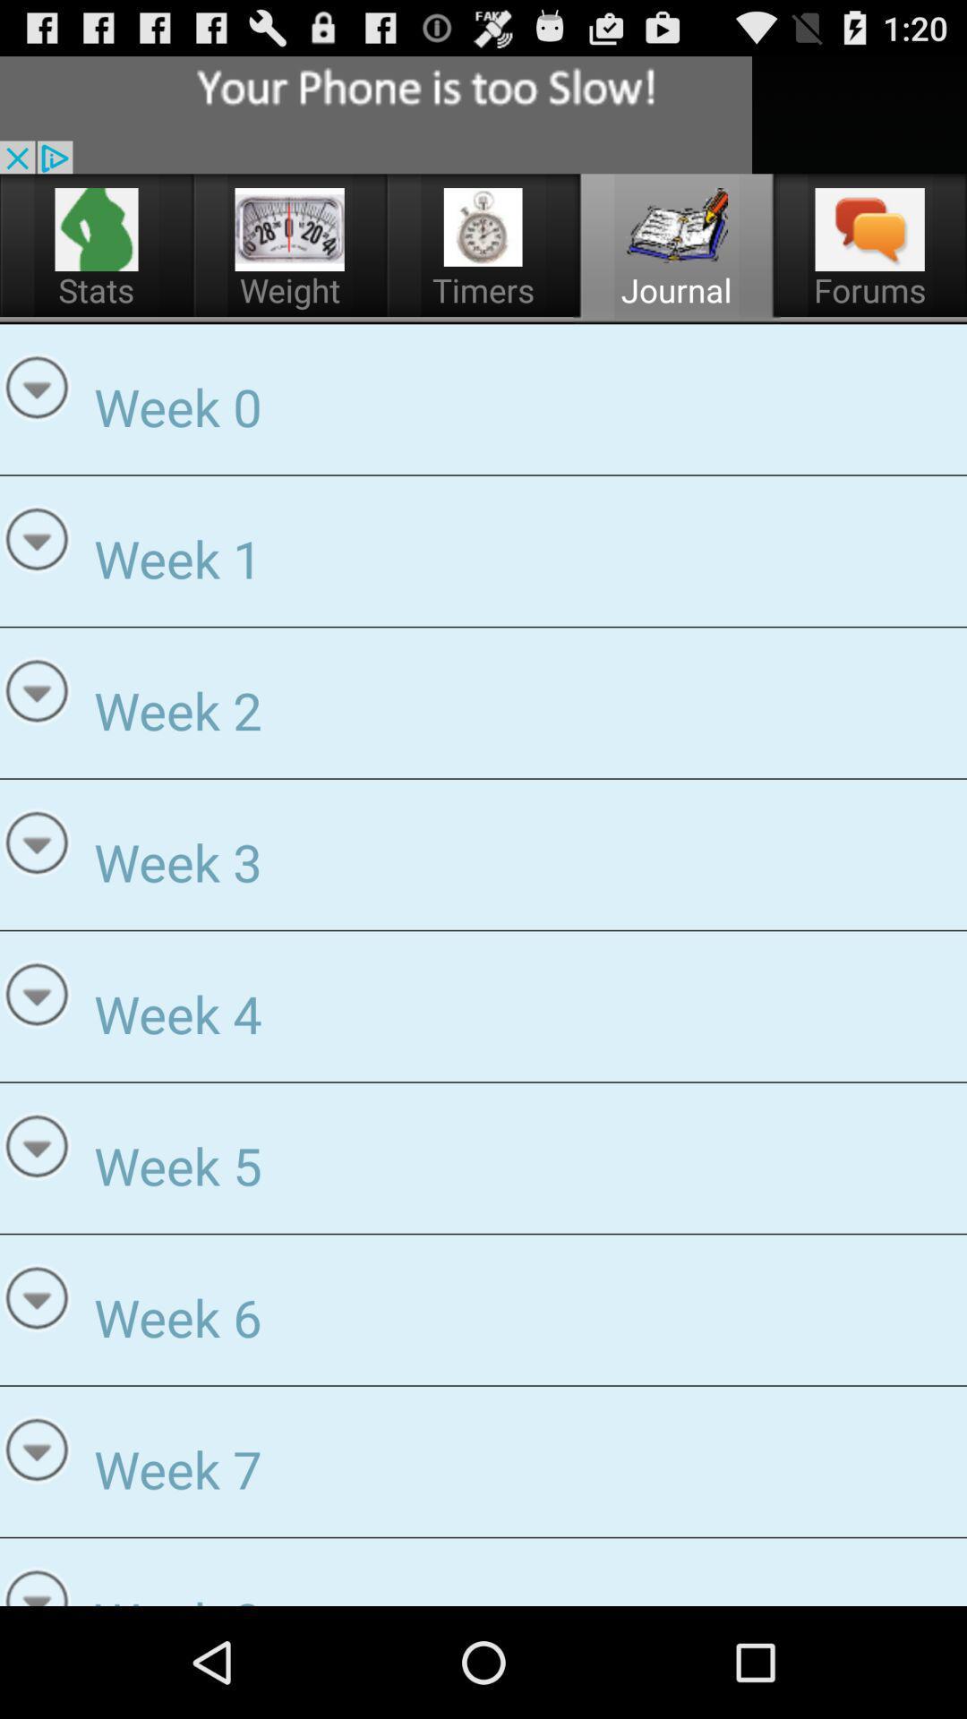 This screenshot has width=967, height=1719. Describe the element at coordinates (375, 114) in the screenshot. I see `advertisement` at that location.